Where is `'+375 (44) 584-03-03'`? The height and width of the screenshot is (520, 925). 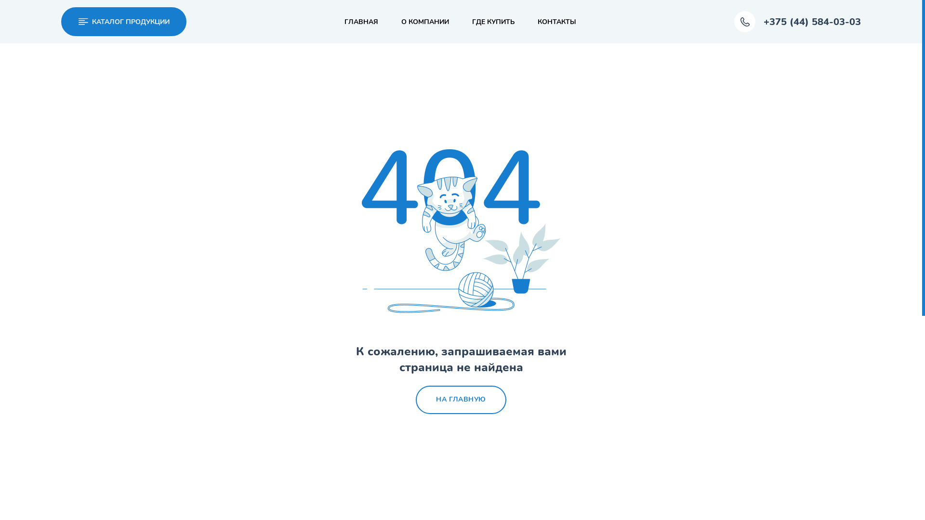
'+375 (44) 584-03-03' is located at coordinates (797, 22).